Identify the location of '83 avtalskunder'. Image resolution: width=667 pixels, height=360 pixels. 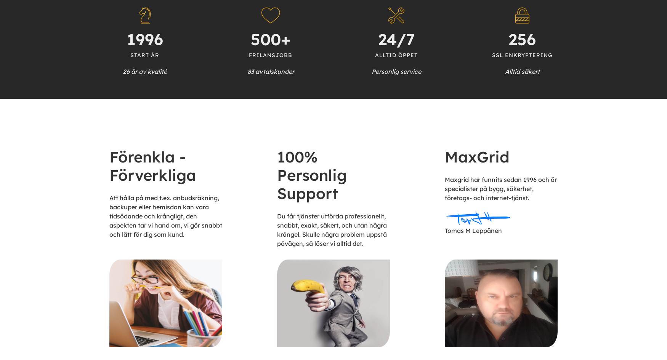
(270, 71).